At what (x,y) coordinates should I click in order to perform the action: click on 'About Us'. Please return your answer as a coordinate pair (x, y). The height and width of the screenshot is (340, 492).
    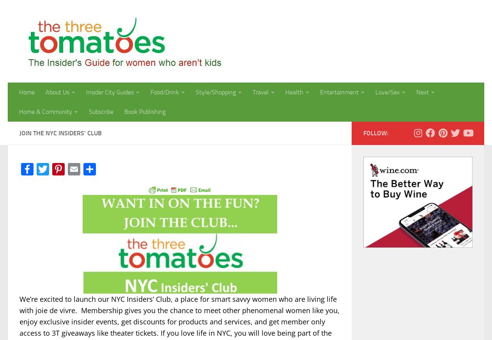
    Looking at the image, I should click on (57, 92).